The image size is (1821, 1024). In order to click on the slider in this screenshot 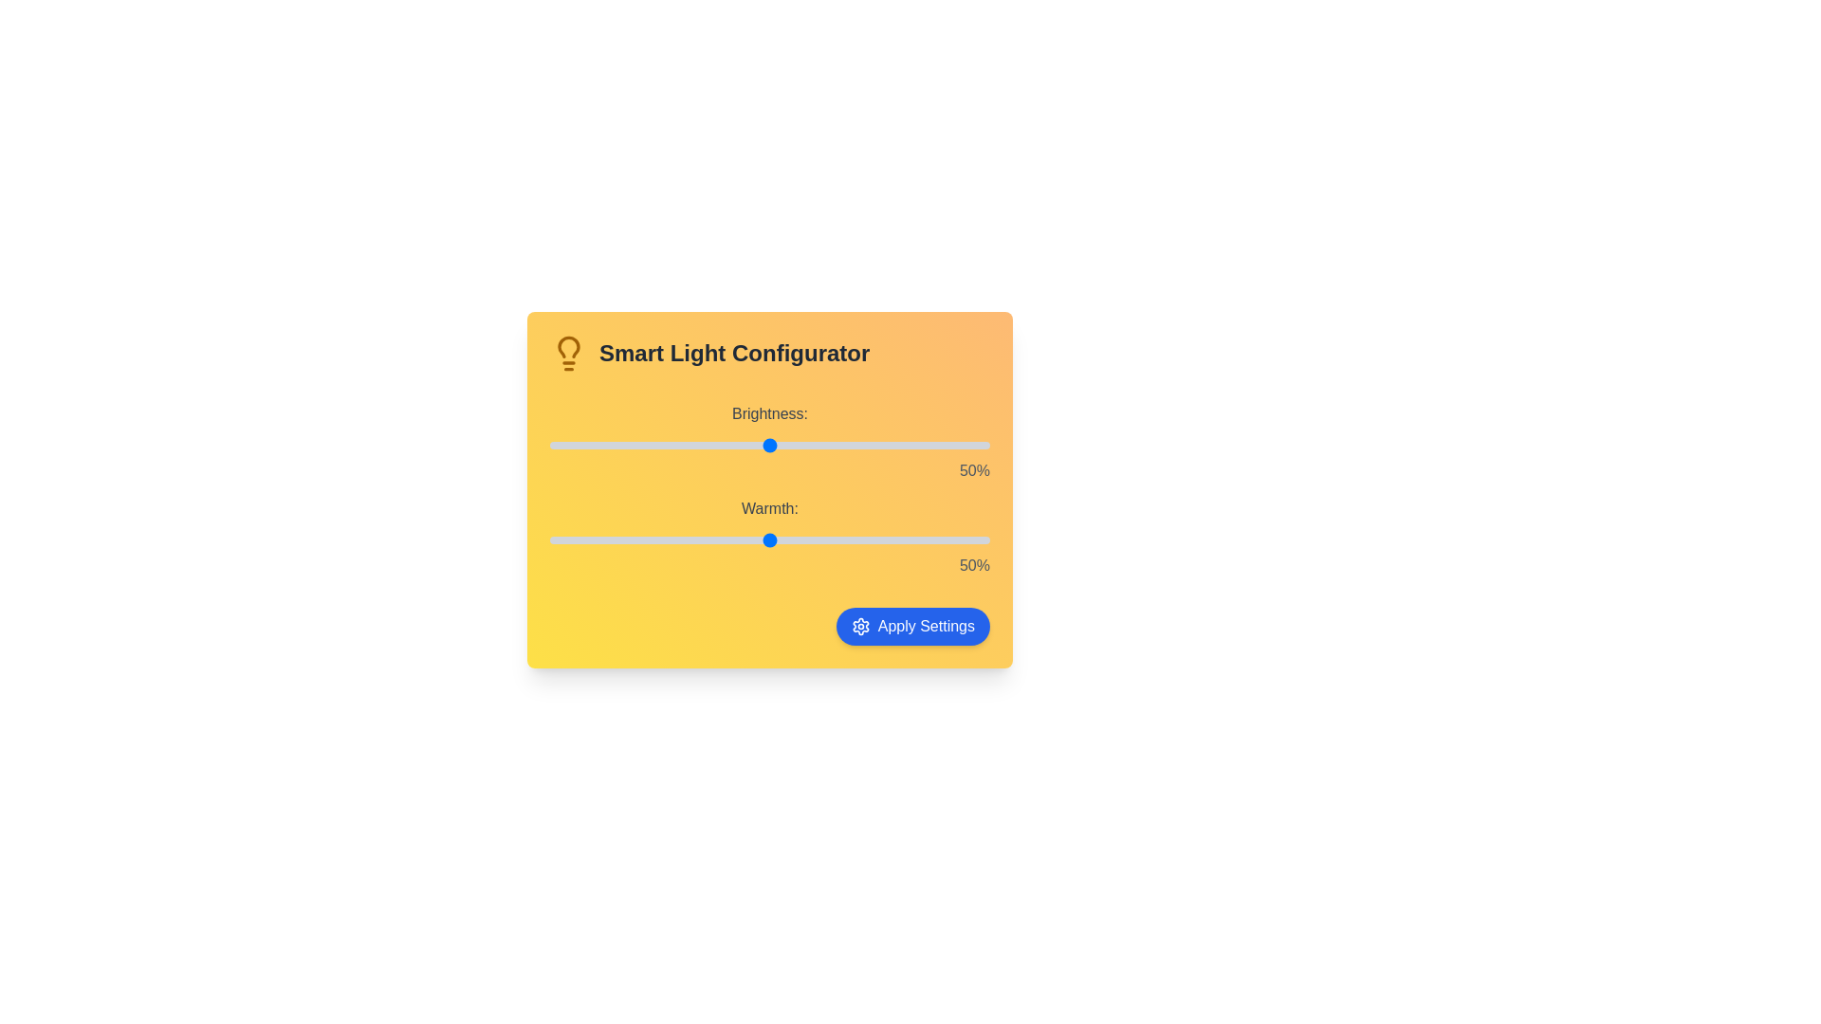, I will do `click(566, 540)`.